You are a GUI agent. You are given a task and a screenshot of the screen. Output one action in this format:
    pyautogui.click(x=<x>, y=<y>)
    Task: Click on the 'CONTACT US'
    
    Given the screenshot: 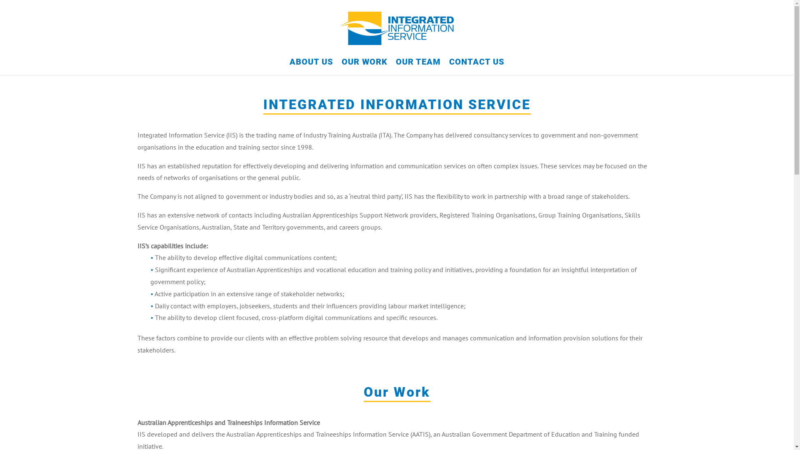 What is the action you would take?
    pyautogui.click(x=477, y=65)
    